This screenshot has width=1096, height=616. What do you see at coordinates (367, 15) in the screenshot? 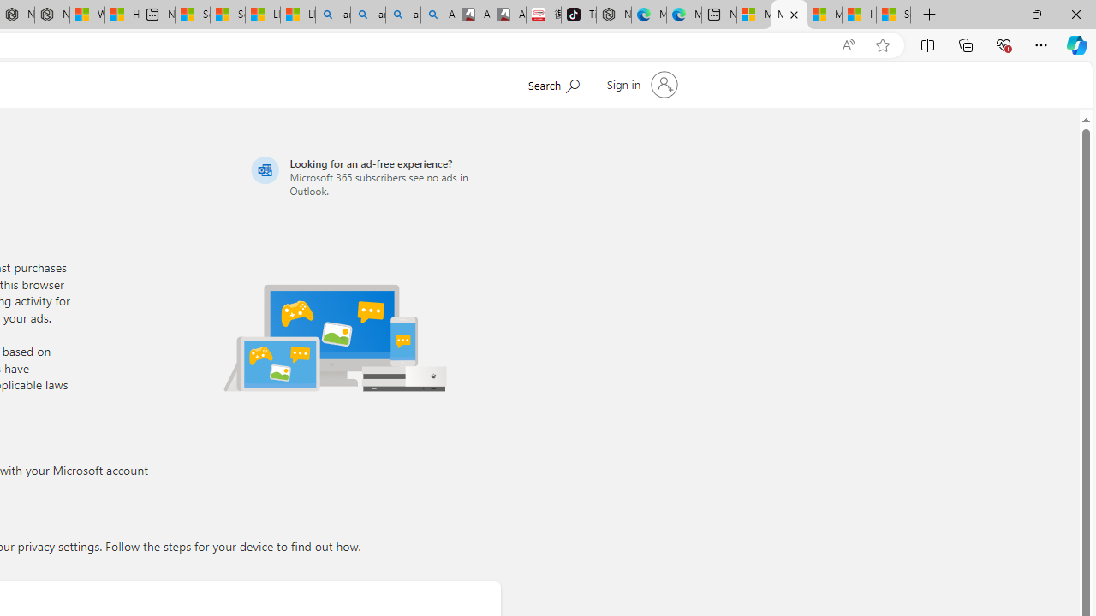
I see `'amazon - Search'` at bounding box center [367, 15].